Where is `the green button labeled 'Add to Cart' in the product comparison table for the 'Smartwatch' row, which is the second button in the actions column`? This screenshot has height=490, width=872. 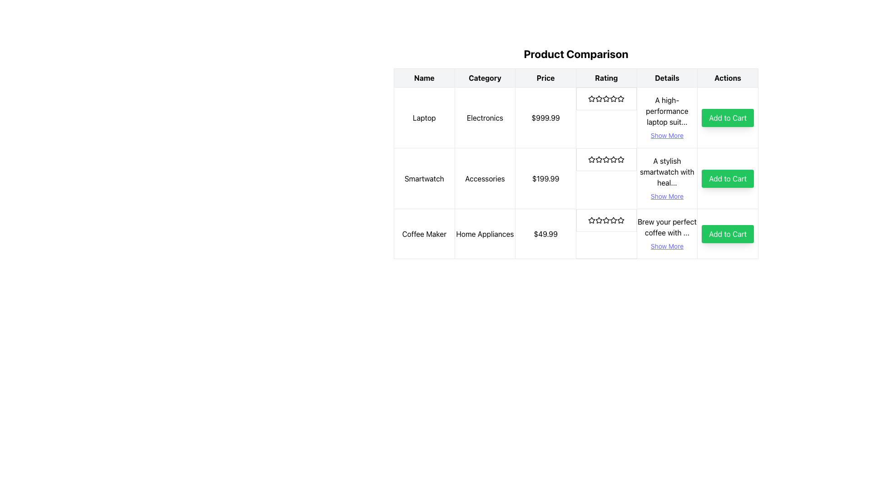 the green button labeled 'Add to Cart' in the product comparison table for the 'Smartwatch' row, which is the second button in the actions column is located at coordinates (728, 178).